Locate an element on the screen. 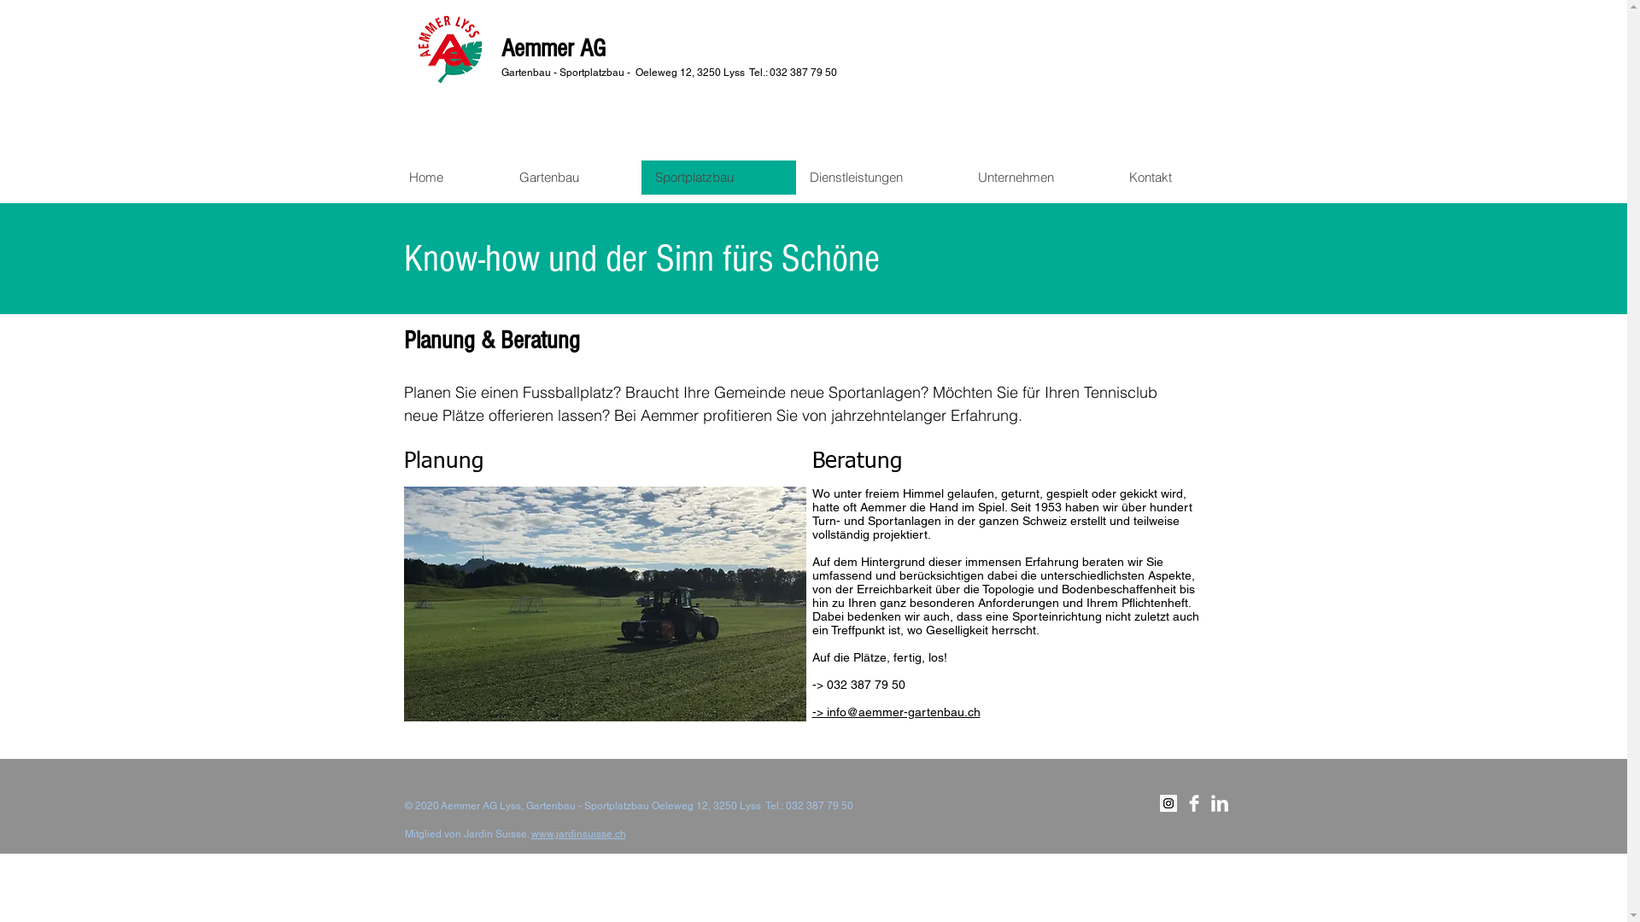 The height and width of the screenshot is (922, 1640). 'Sportplatzbau' is located at coordinates (717, 178).